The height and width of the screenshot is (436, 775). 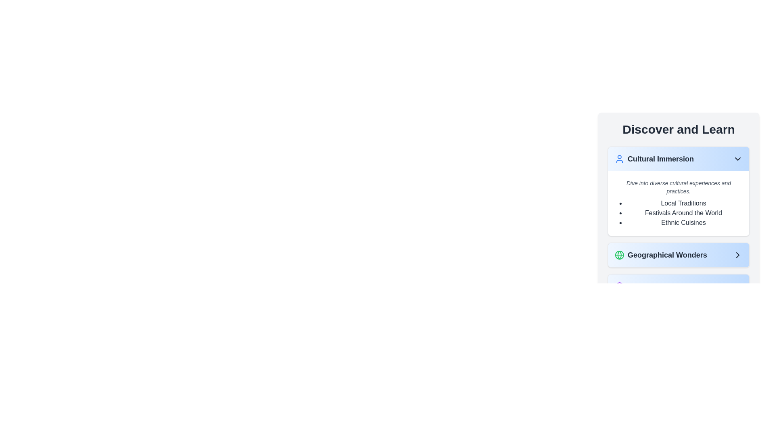 What do you see at coordinates (678, 129) in the screenshot?
I see `the bold and large heading with the text 'Discover and Learn', which is styled in dark gray and positioned at the top of the section` at bounding box center [678, 129].